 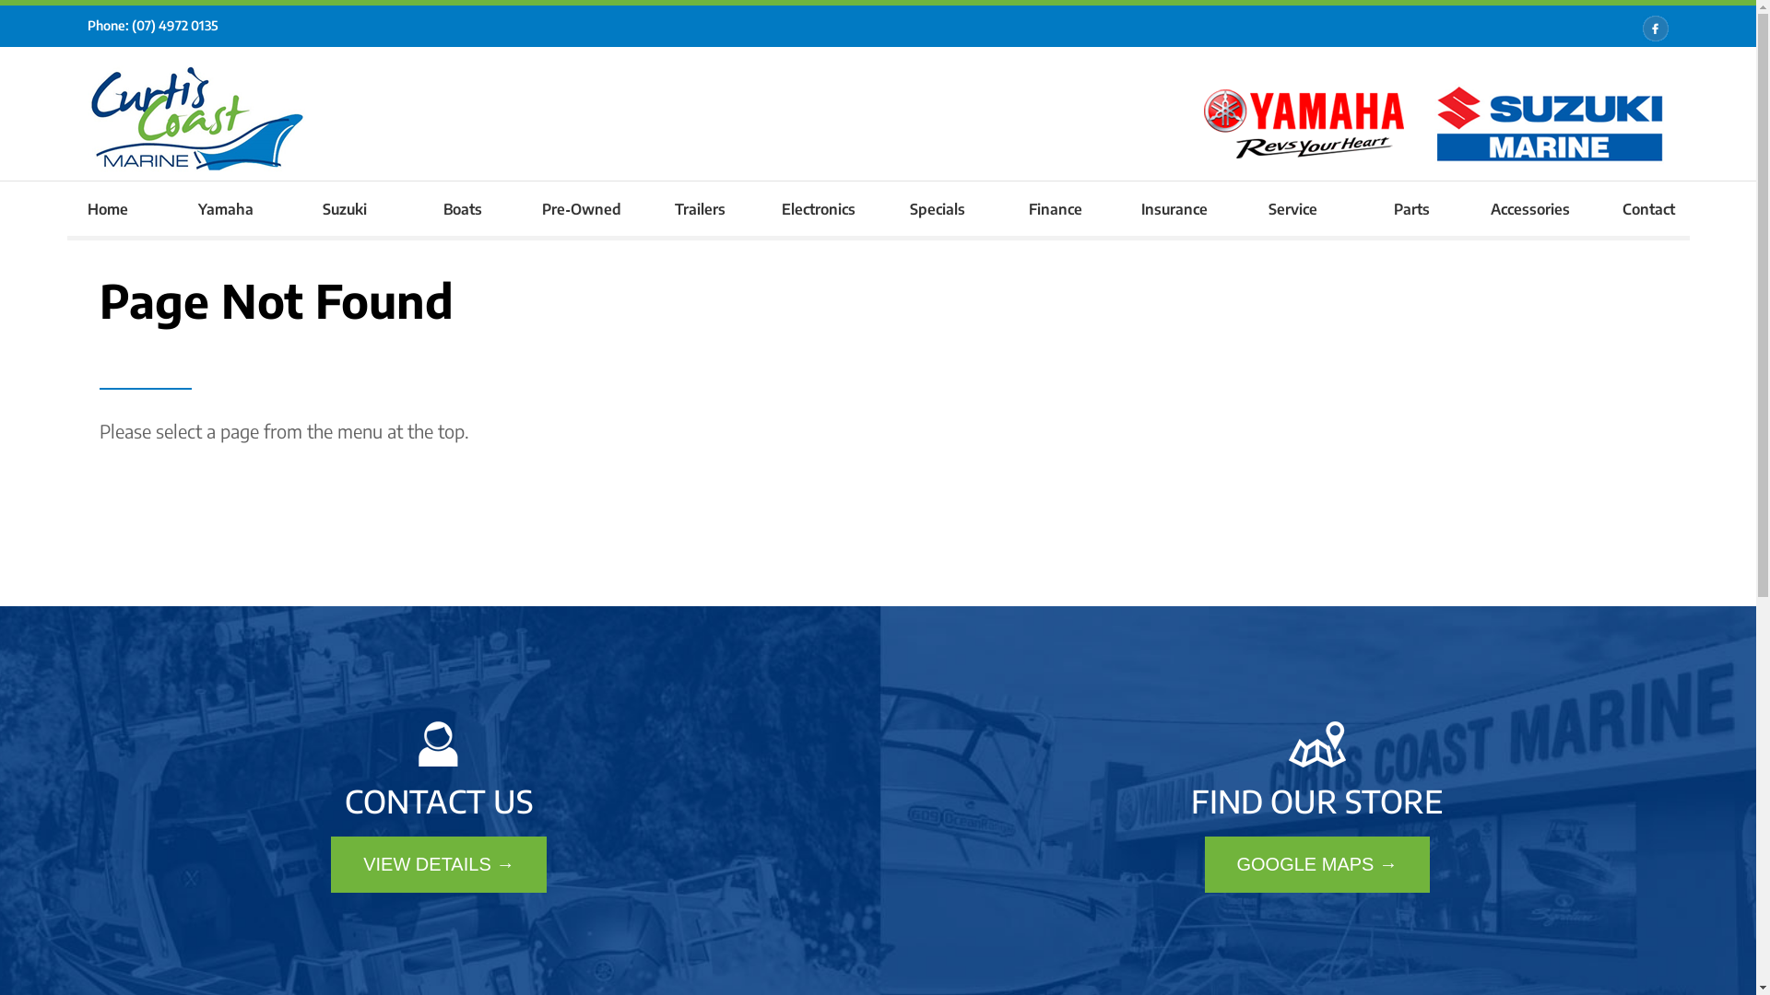 What do you see at coordinates (1056, 207) in the screenshot?
I see `'Finance'` at bounding box center [1056, 207].